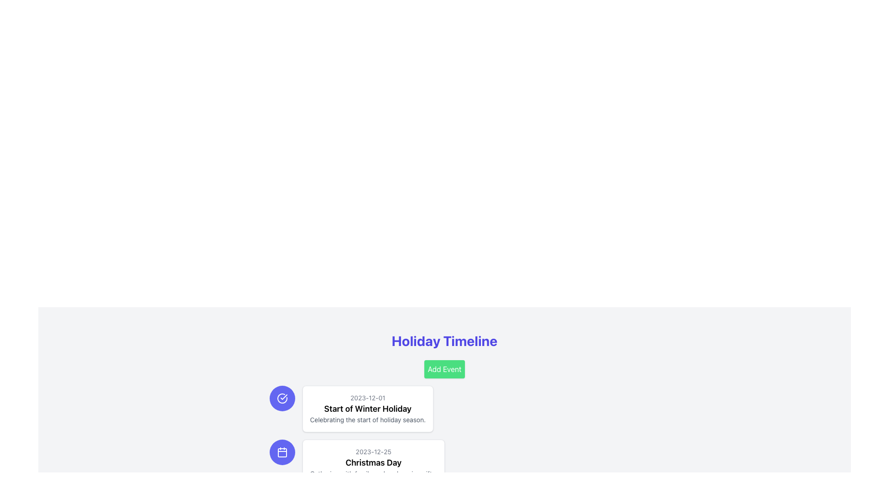 This screenshot has height=493, width=876. I want to click on text label displaying 'Christmas Day' in bold black font, which is centrally located within the '2023-12-25' card on the Holiday Timeline, so click(373, 463).